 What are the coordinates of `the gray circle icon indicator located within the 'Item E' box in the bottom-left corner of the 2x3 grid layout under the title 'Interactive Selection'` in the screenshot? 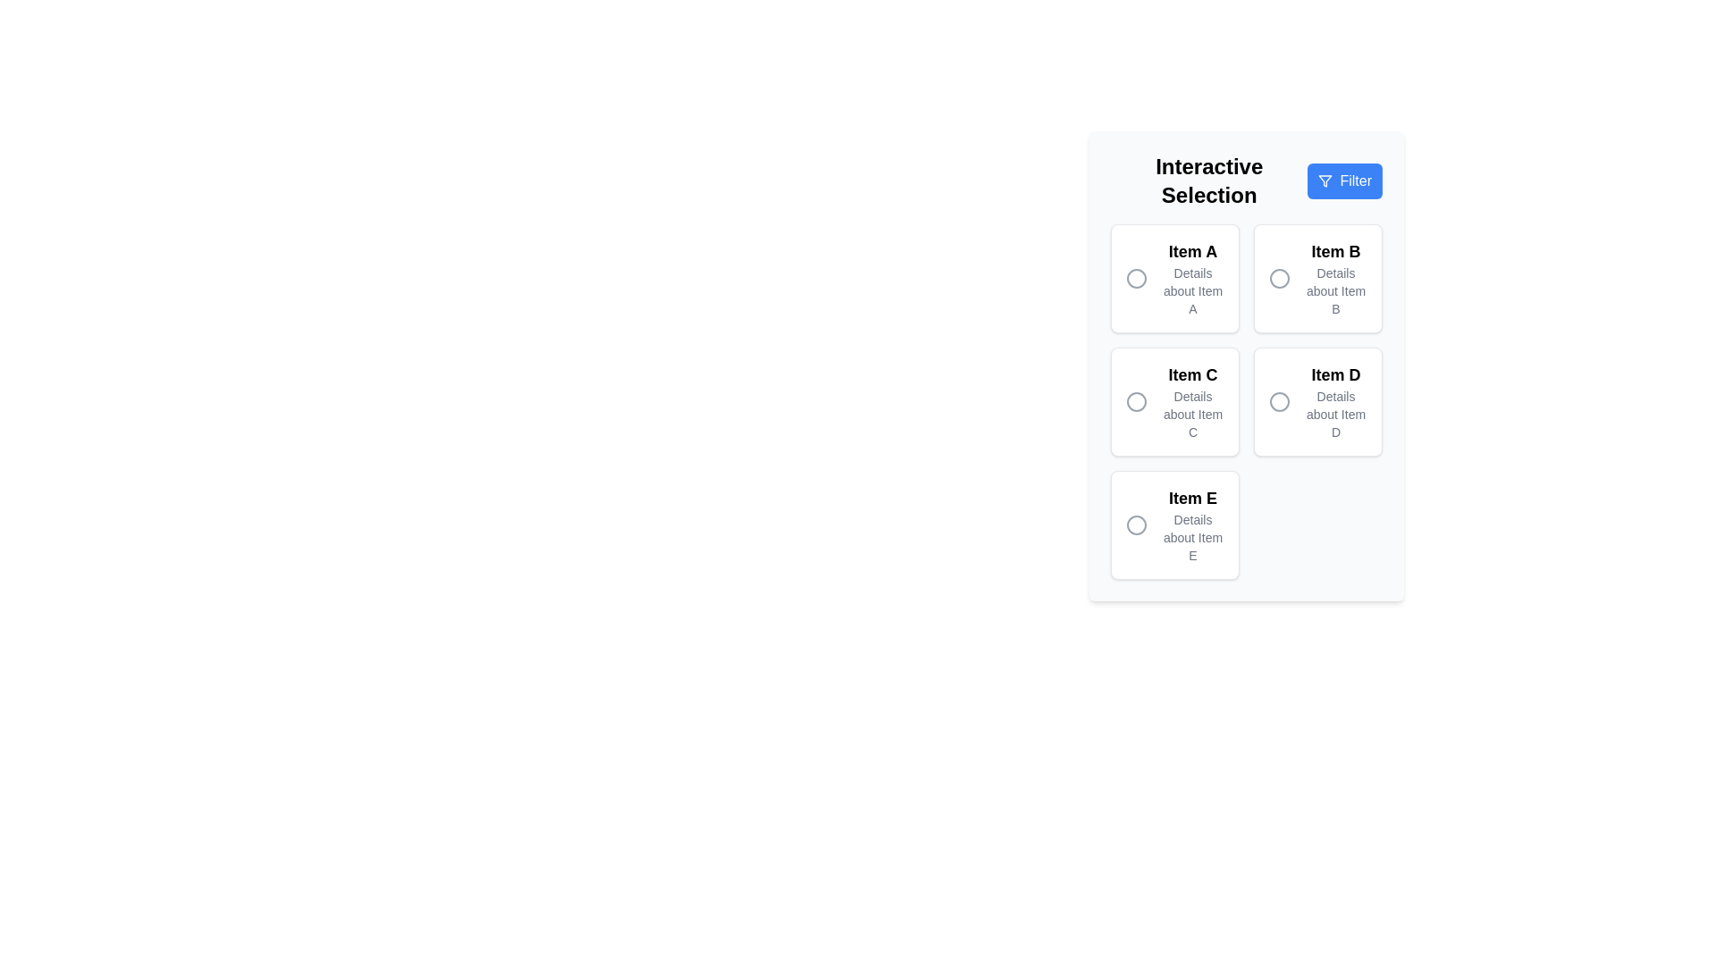 It's located at (1136, 524).